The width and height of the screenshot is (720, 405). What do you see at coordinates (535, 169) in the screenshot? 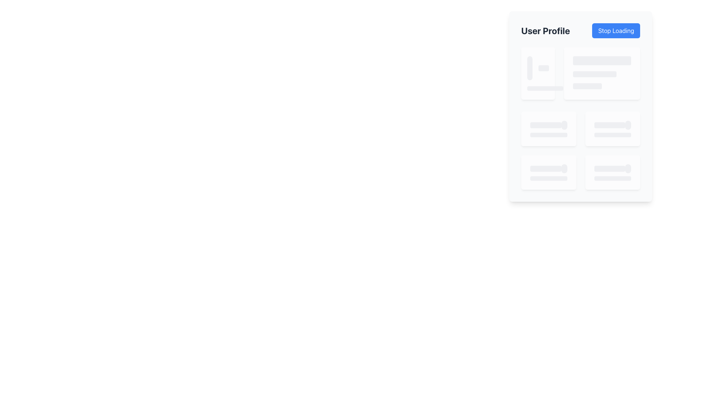
I see `the slider value` at bounding box center [535, 169].